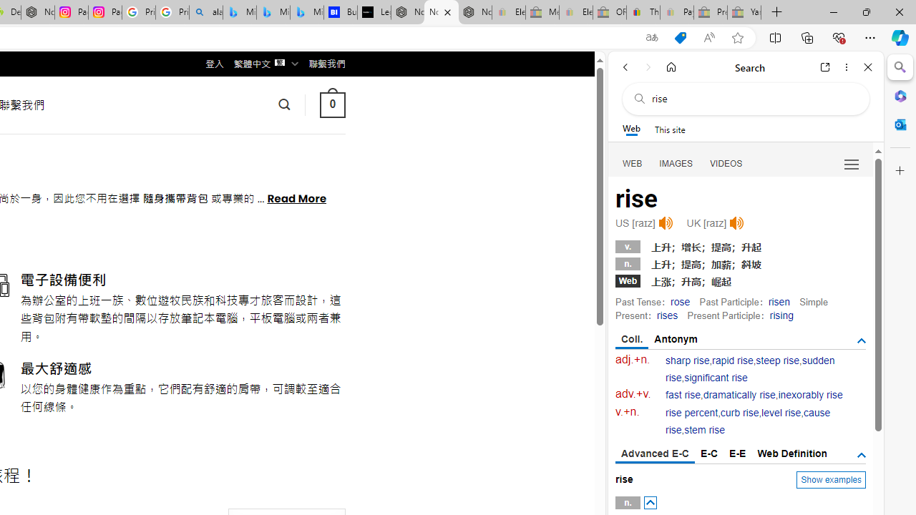 The image size is (916, 515). What do you see at coordinates (726, 162) in the screenshot?
I see `'Search Filter, VIDEOS'` at bounding box center [726, 162].